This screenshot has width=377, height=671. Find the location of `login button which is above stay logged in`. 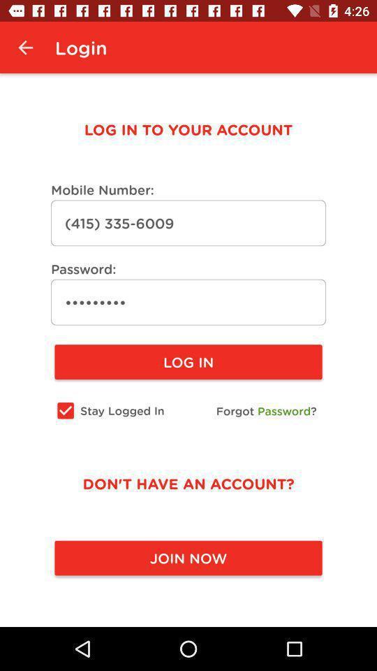

login button which is above stay logged in is located at coordinates (188, 361).